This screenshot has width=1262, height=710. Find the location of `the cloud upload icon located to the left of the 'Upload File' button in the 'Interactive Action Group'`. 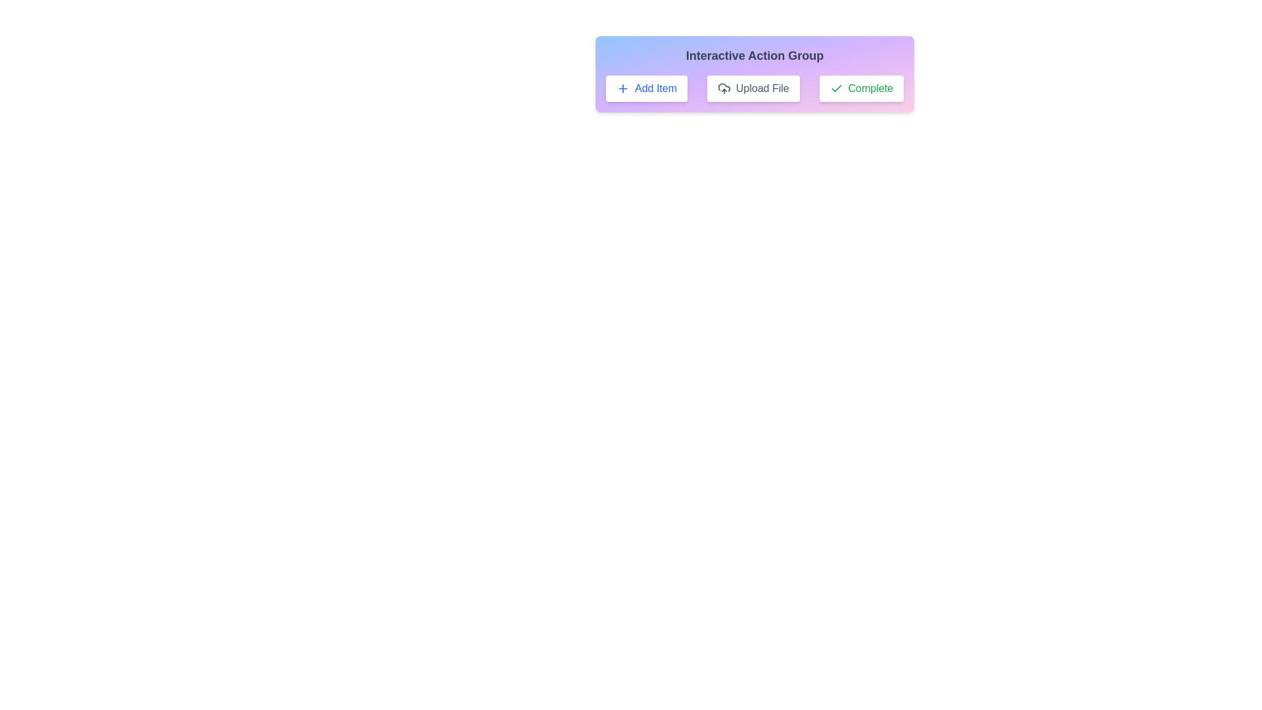

the cloud upload icon located to the left of the 'Upload File' button in the 'Interactive Action Group' is located at coordinates (723, 89).